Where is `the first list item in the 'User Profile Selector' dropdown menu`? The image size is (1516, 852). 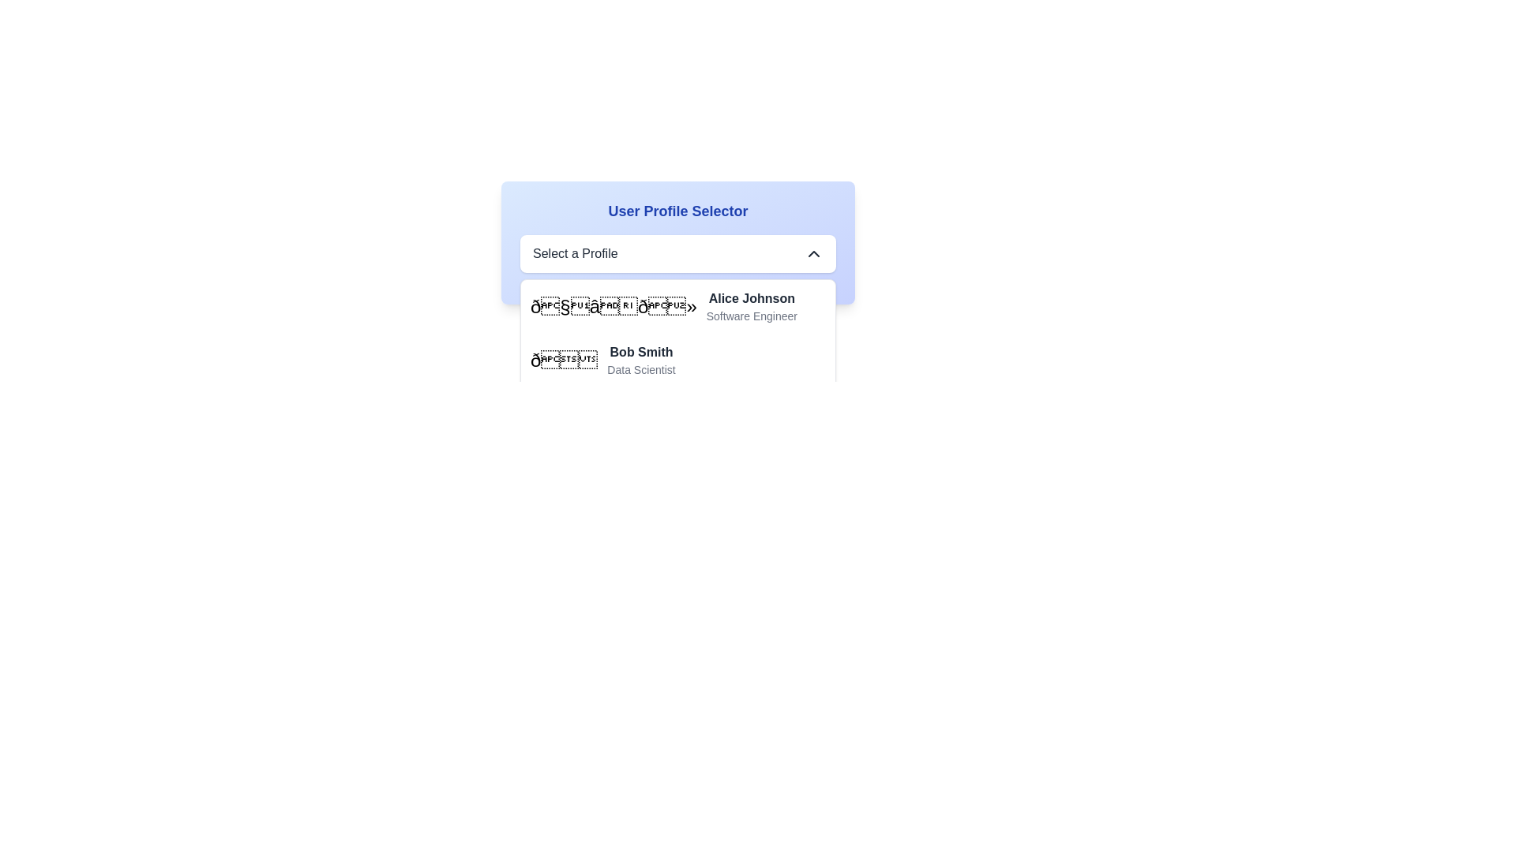
the first list item in the 'User Profile Selector' dropdown menu is located at coordinates (678, 307).